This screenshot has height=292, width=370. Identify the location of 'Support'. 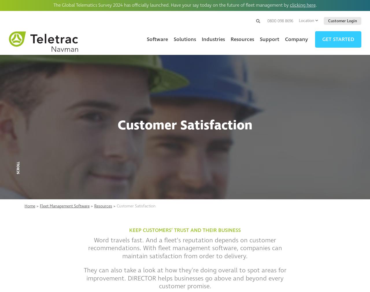
(269, 39).